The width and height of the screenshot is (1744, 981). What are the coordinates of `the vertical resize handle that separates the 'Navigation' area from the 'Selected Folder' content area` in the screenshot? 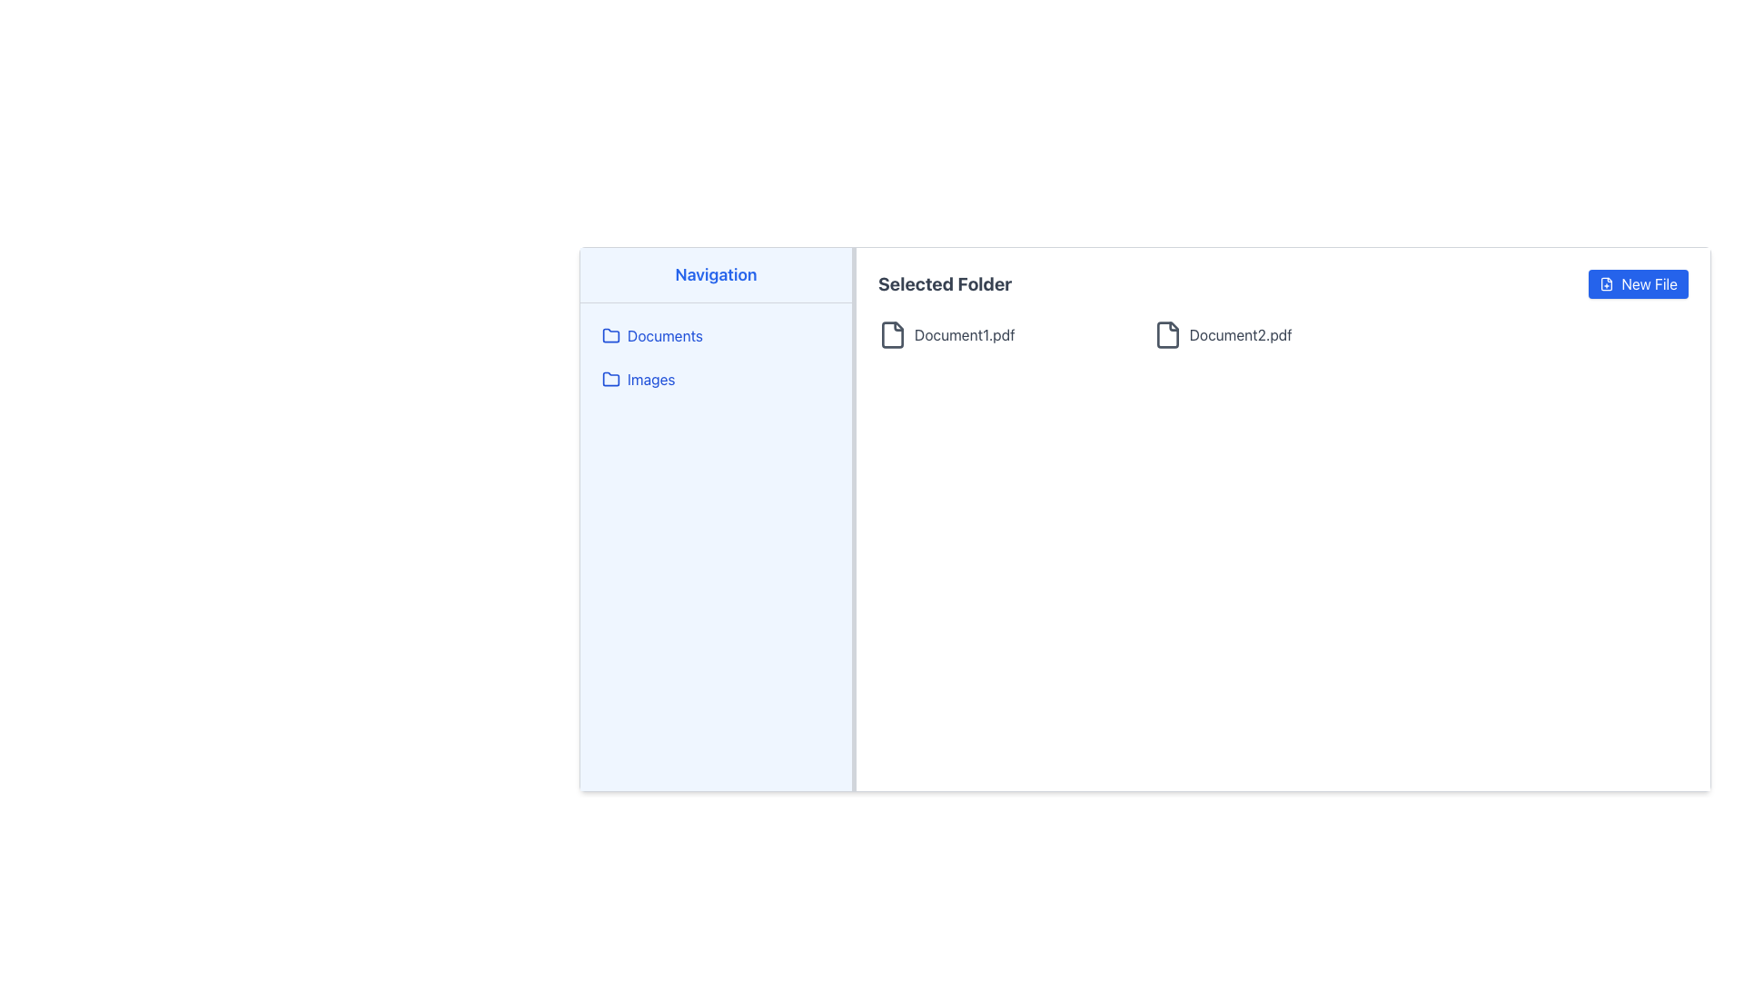 It's located at (853, 519).